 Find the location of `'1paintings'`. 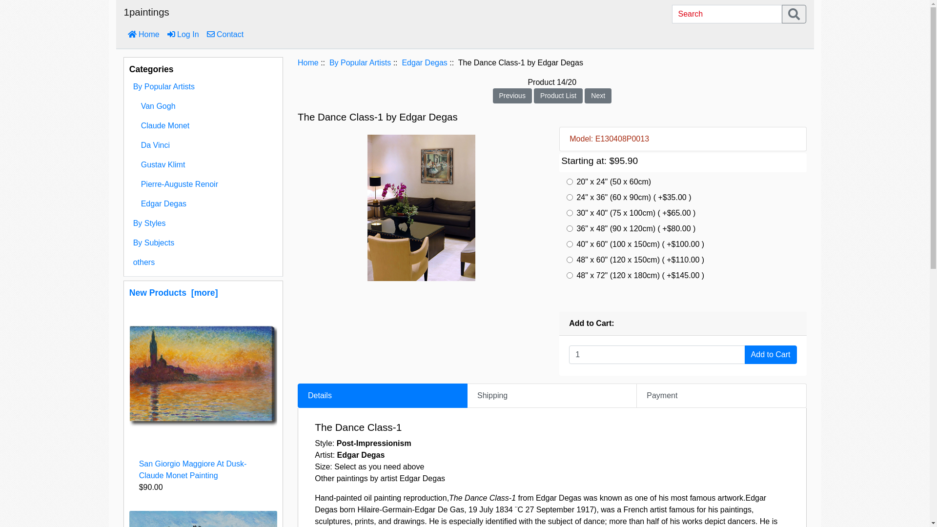

'1paintings' is located at coordinates (146, 14).